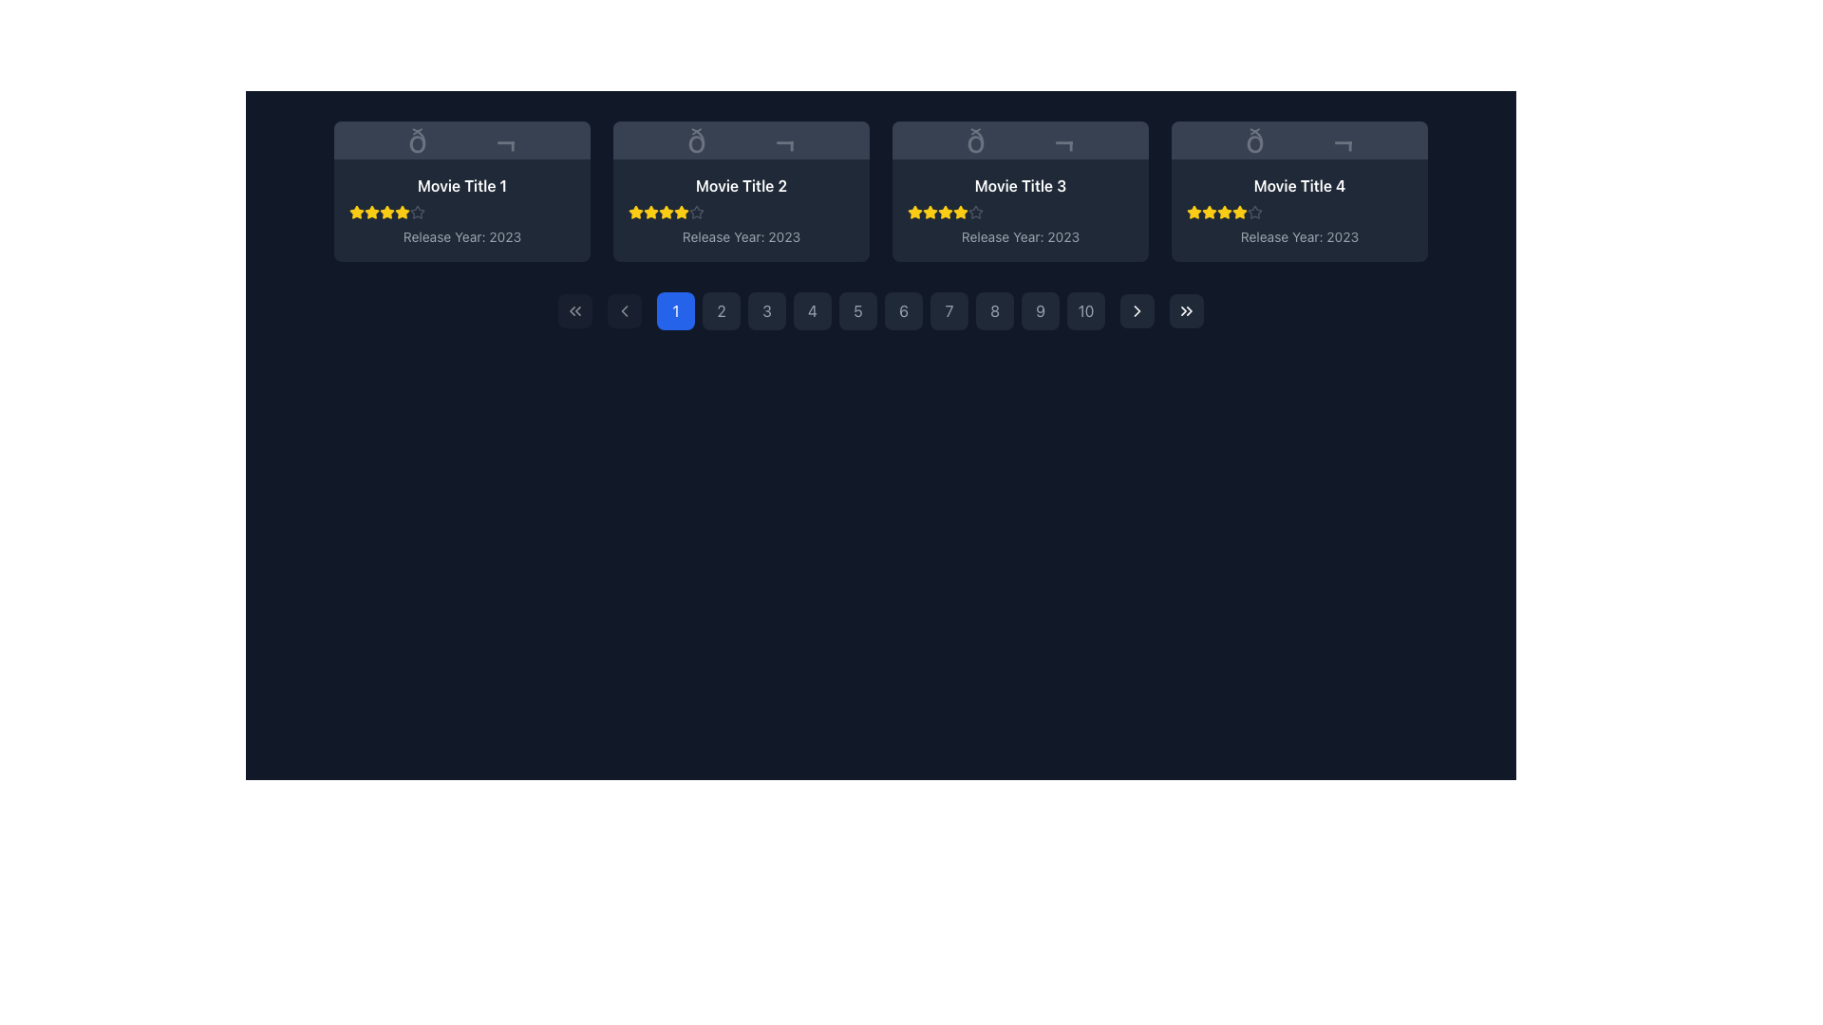  What do you see at coordinates (1137, 309) in the screenshot?
I see `the rectangular button with rounded corners that has a dark gray background and a white arrow pointing to the right, located towards the rightmost side of the navigation bar` at bounding box center [1137, 309].